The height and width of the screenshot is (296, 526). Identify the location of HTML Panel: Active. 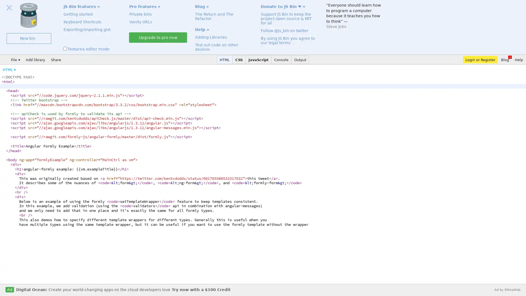
(225, 59).